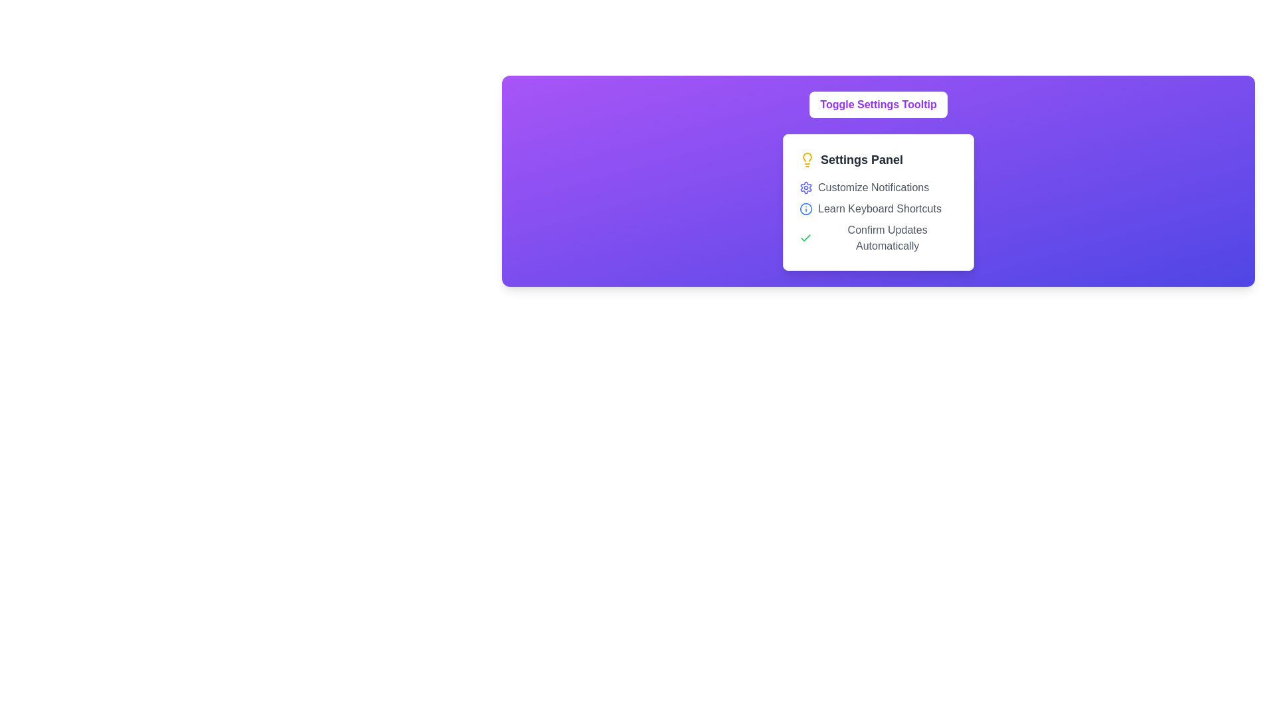 The image size is (1275, 717). What do you see at coordinates (806, 187) in the screenshot?
I see `the settings icon located to the left of the 'Customize Notifications' text` at bounding box center [806, 187].